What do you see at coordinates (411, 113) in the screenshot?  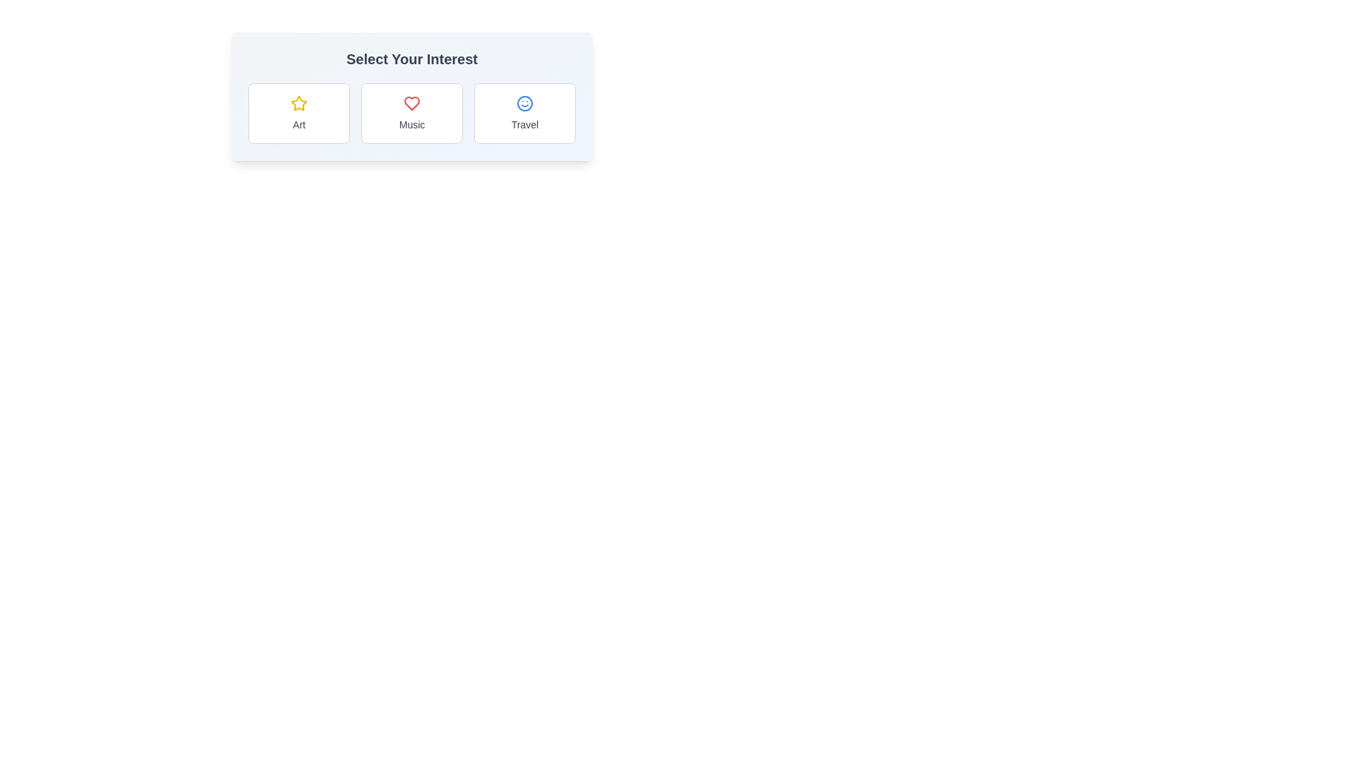 I see `the selectable card labeled 'Music' which is a rectangular card with a white background and a red heart icon at the top` at bounding box center [411, 113].